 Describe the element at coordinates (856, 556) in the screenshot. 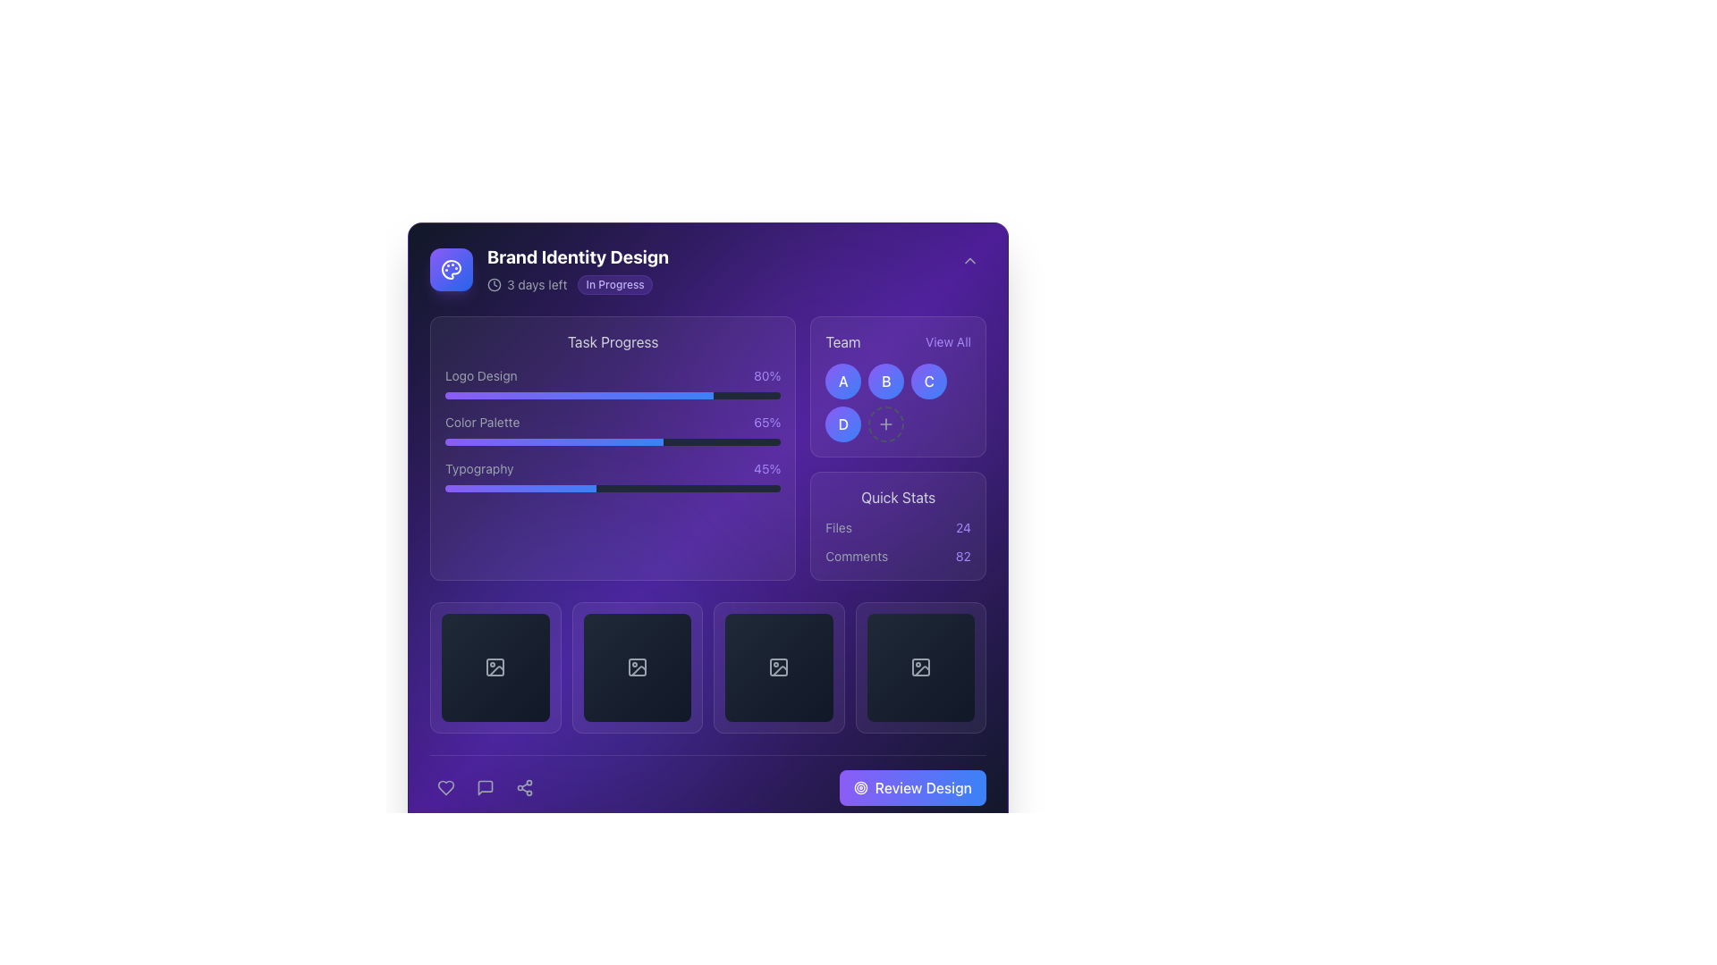

I see `the 'Comments' text label, which is styled in gray, positioned below 'Quick Stats', and aligned left next to the count '82'` at that location.